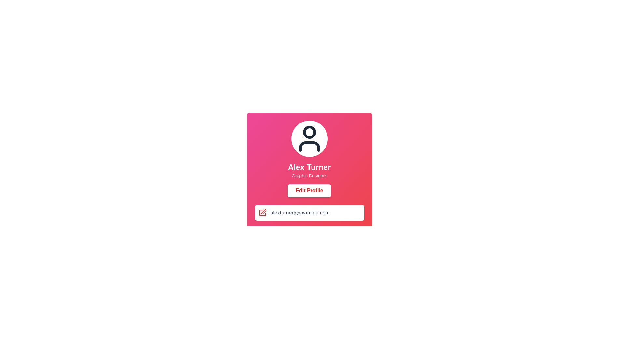 This screenshot has width=625, height=351. I want to click on the circular element representing the head of the user icon, which is part of the SVG user profile icon located at the upper middle of the interface, so click(309, 132).